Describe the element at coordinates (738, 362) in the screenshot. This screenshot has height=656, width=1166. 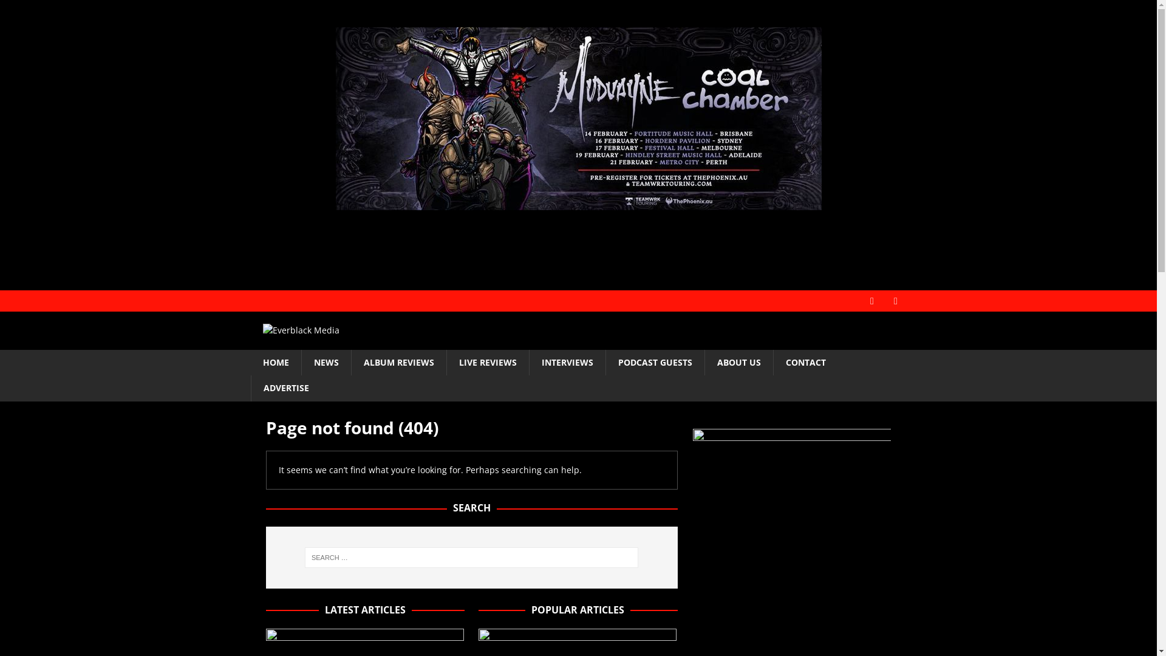
I see `'ABOUT US'` at that location.